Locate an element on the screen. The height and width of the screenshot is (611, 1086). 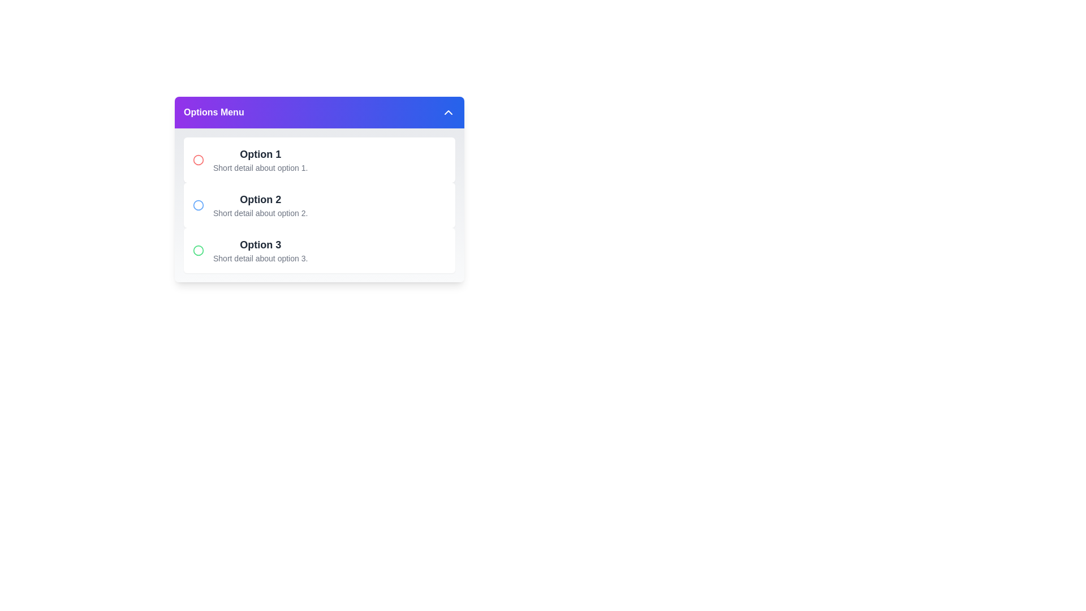
the icon associated with Option 2 in the menu is located at coordinates (198, 205).